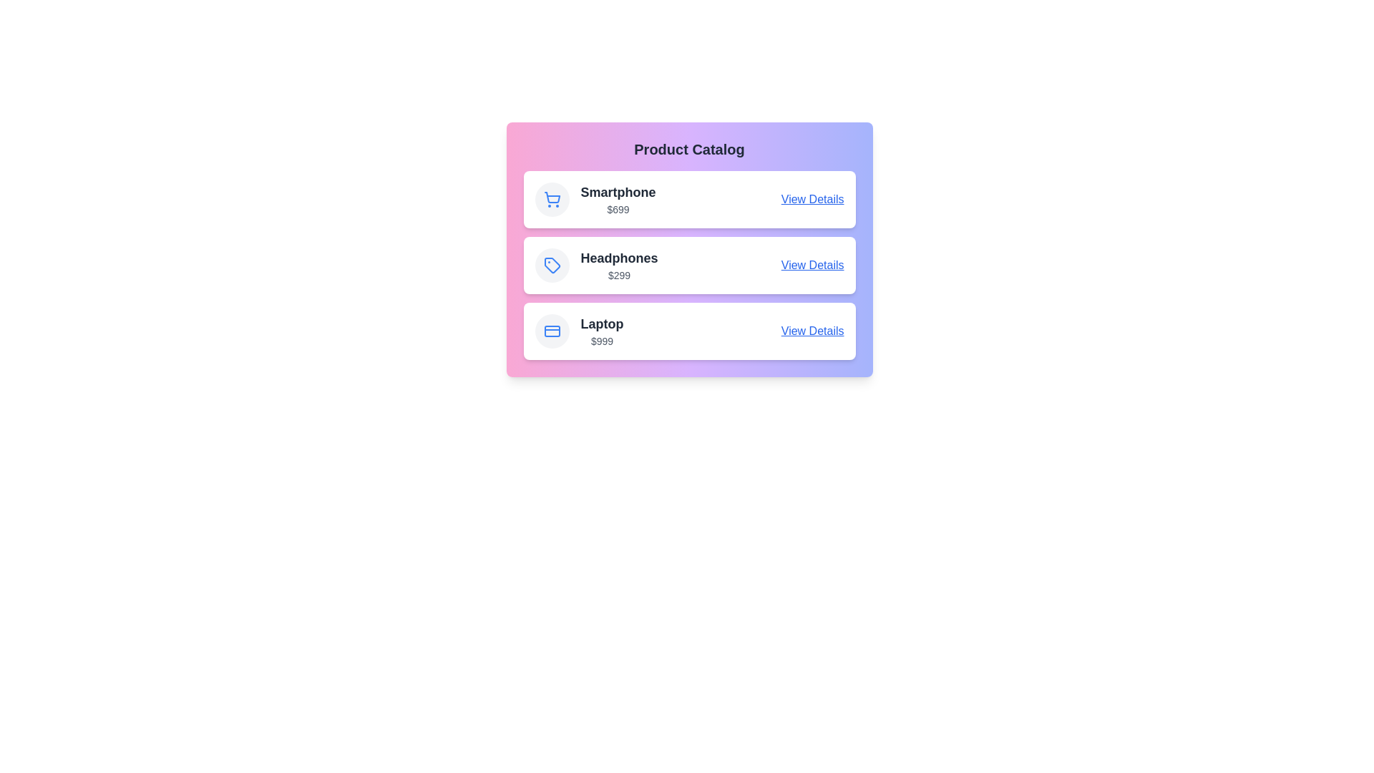 Image resolution: width=1374 pixels, height=773 pixels. I want to click on the product item Smartphone to observe its hover effect, so click(689, 199).